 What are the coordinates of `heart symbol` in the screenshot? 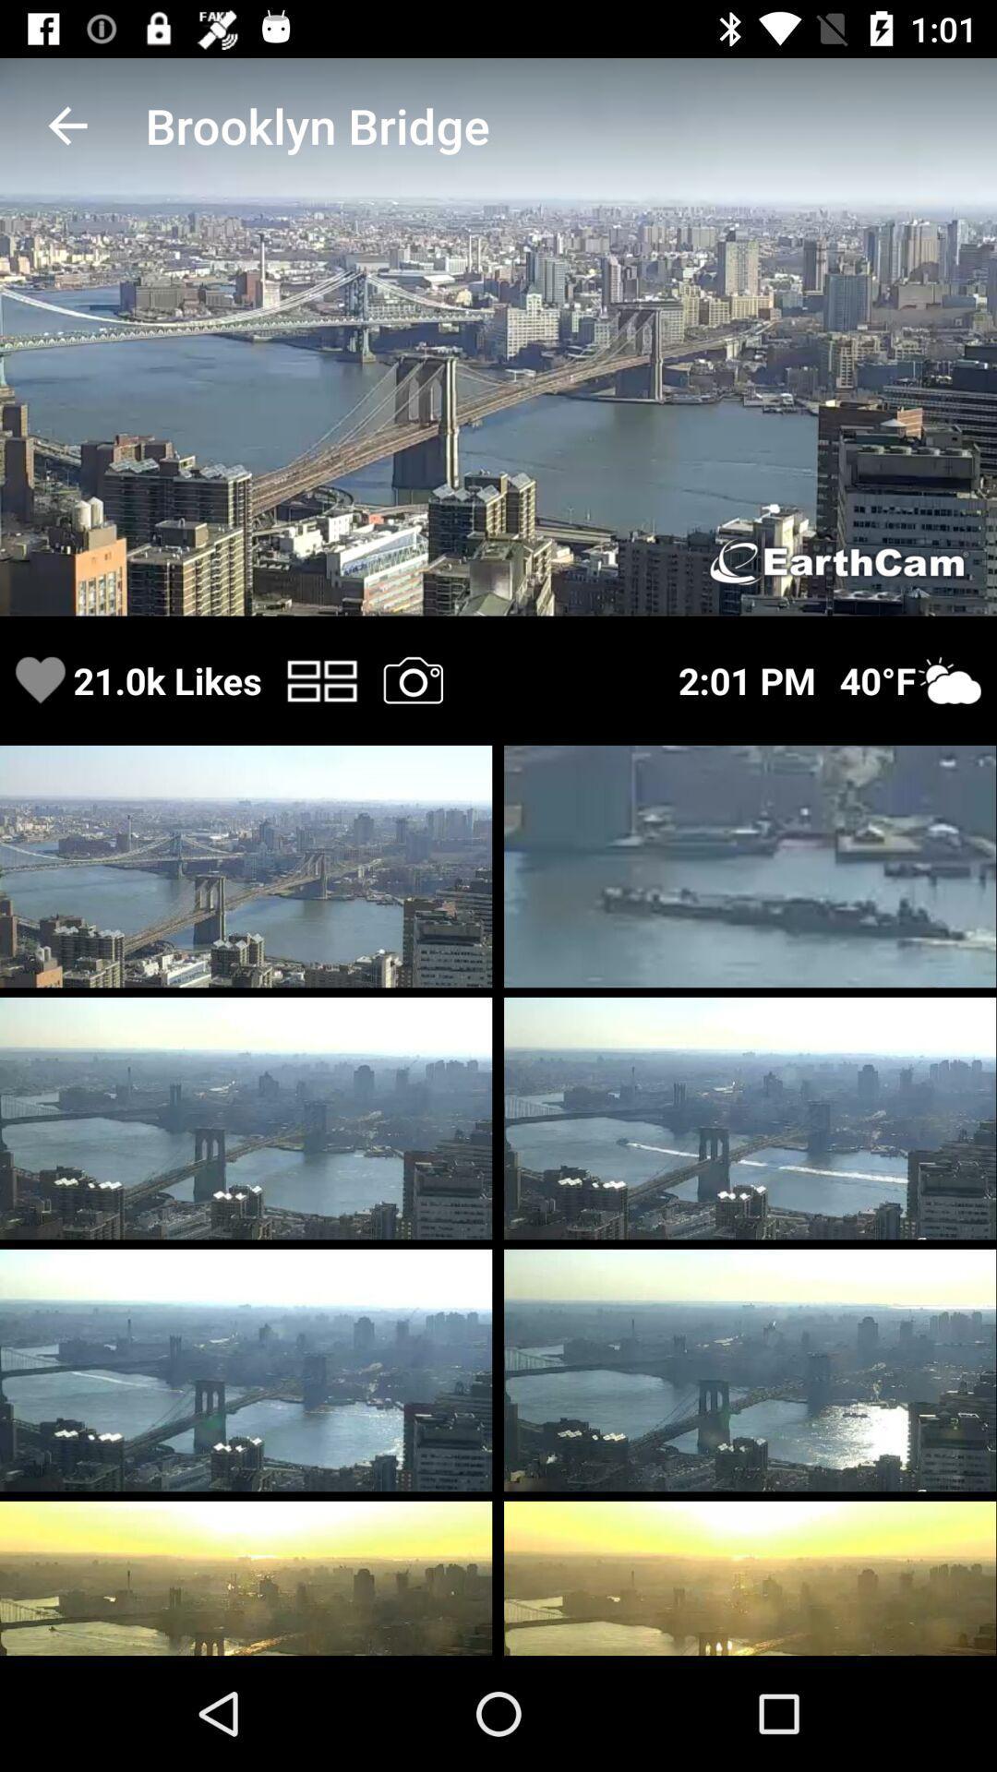 It's located at (40, 679).